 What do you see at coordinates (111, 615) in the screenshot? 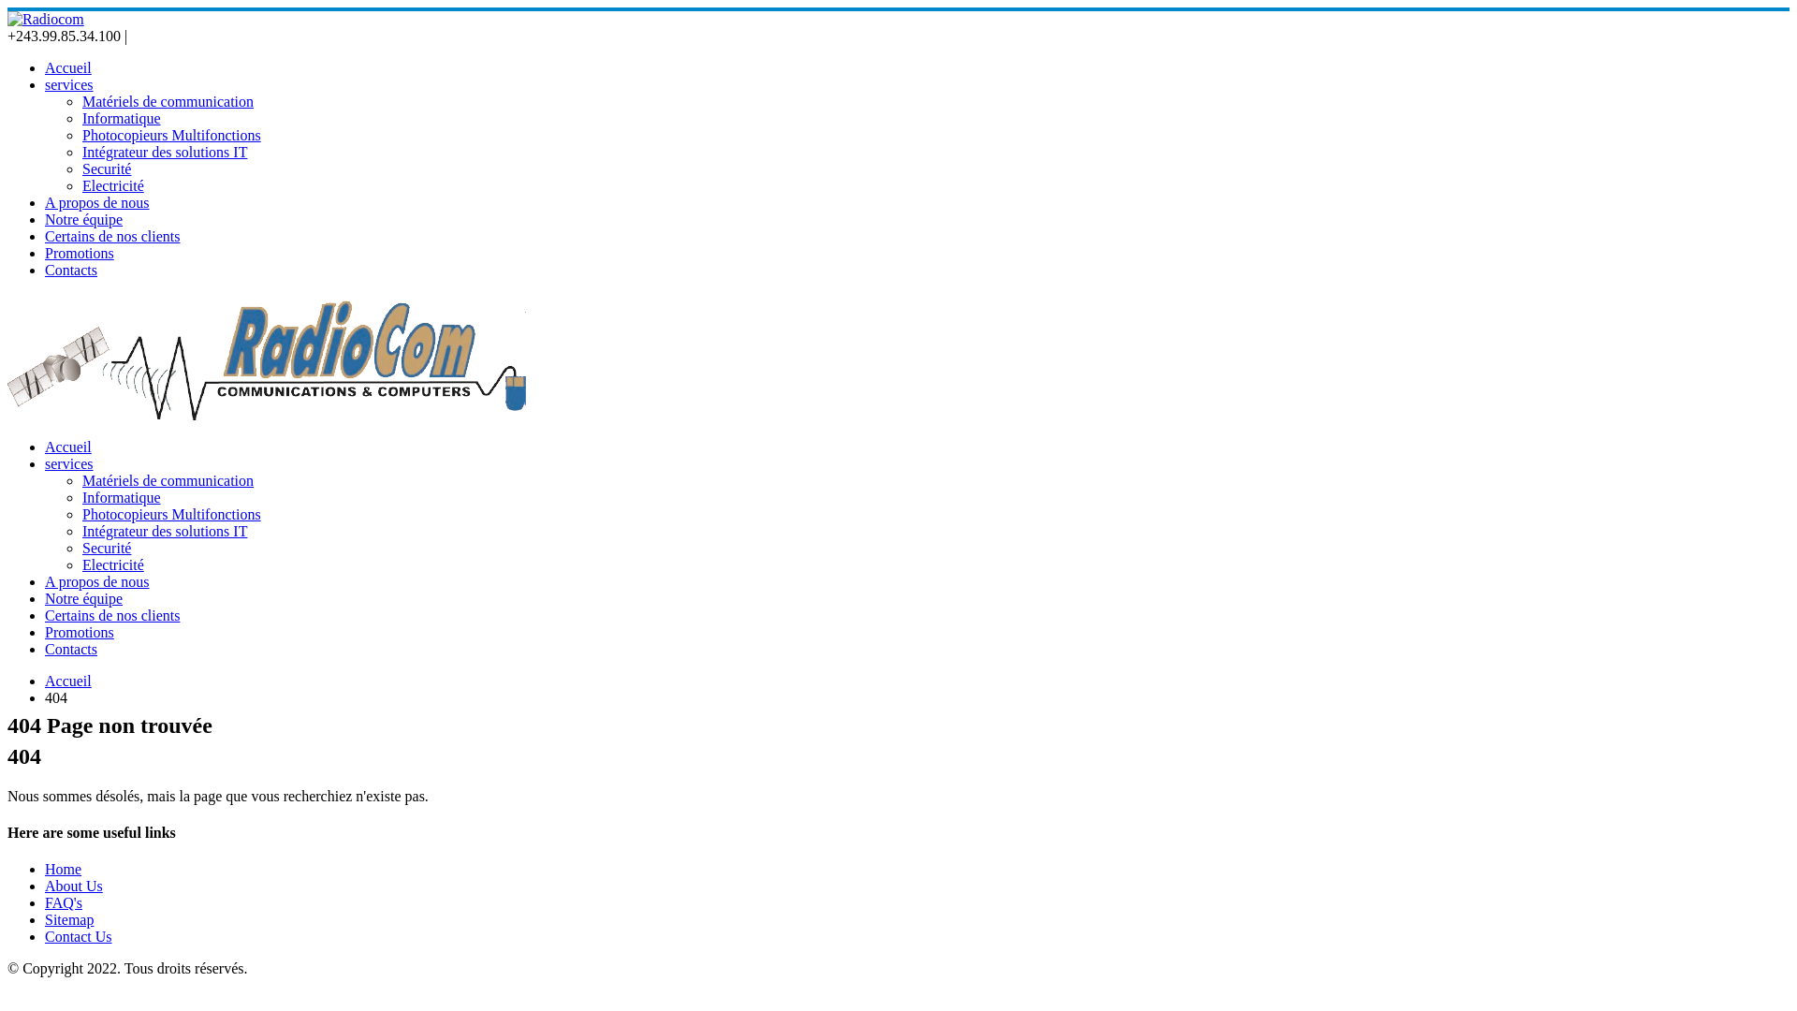
I see `'Certains de nos clients'` at bounding box center [111, 615].